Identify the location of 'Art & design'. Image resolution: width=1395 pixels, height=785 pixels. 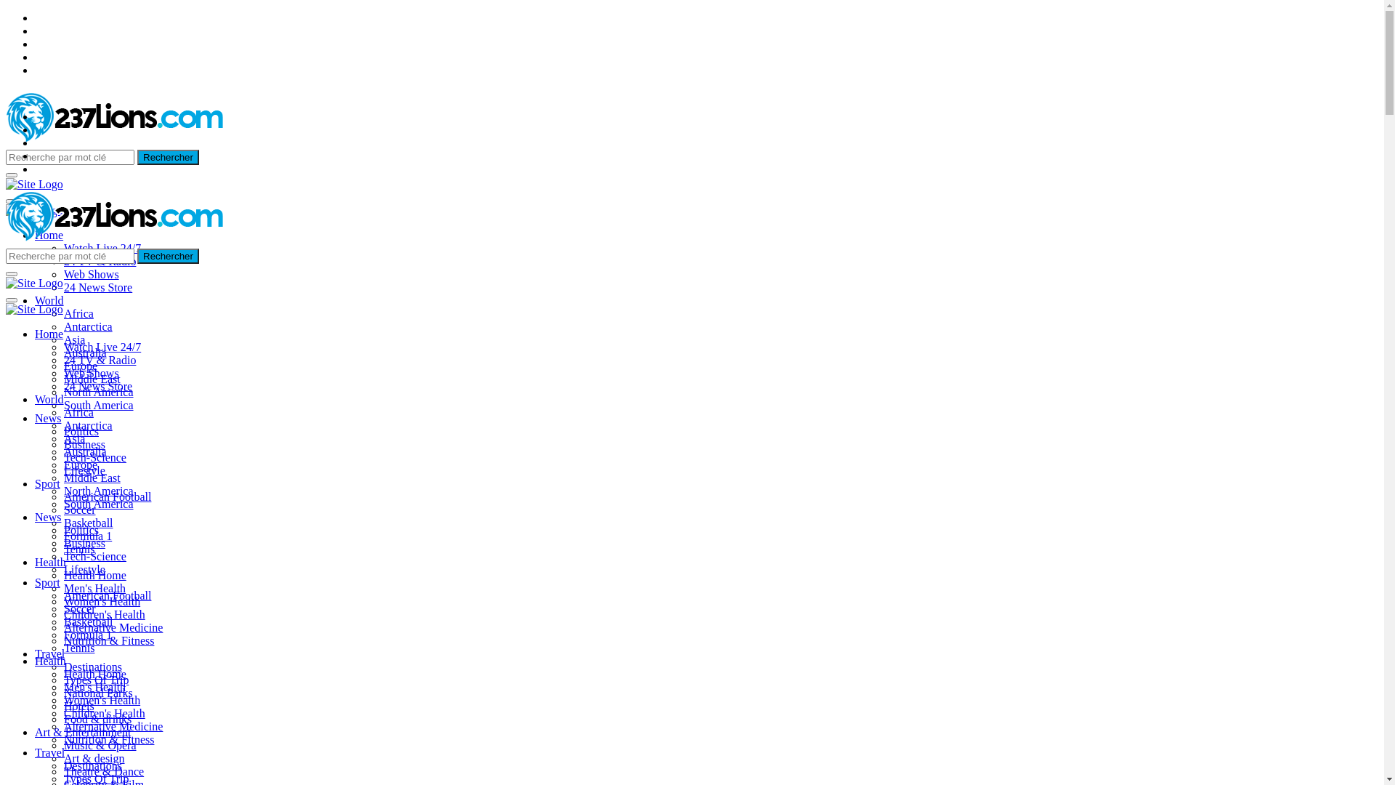
(93, 757).